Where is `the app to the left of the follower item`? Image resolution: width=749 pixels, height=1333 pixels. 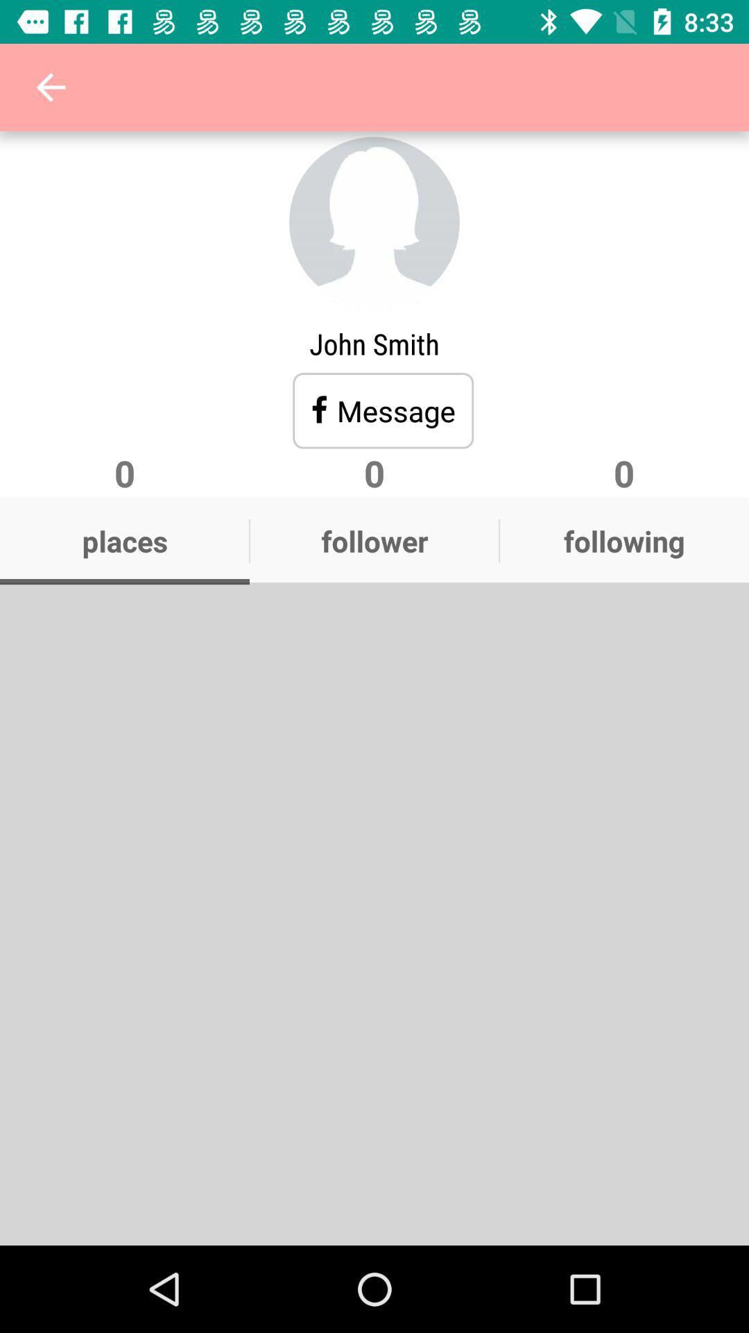
the app to the left of the follower item is located at coordinates (125, 540).